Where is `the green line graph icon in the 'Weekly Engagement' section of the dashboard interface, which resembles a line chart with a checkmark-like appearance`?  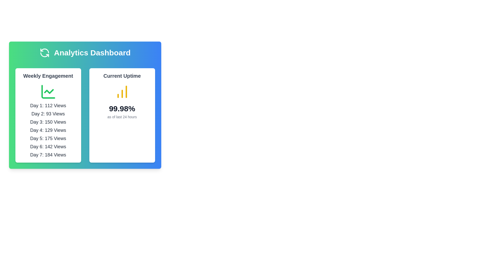
the green line graph icon in the 'Weekly Engagement' section of the dashboard interface, which resembles a line chart with a checkmark-like appearance is located at coordinates (48, 92).